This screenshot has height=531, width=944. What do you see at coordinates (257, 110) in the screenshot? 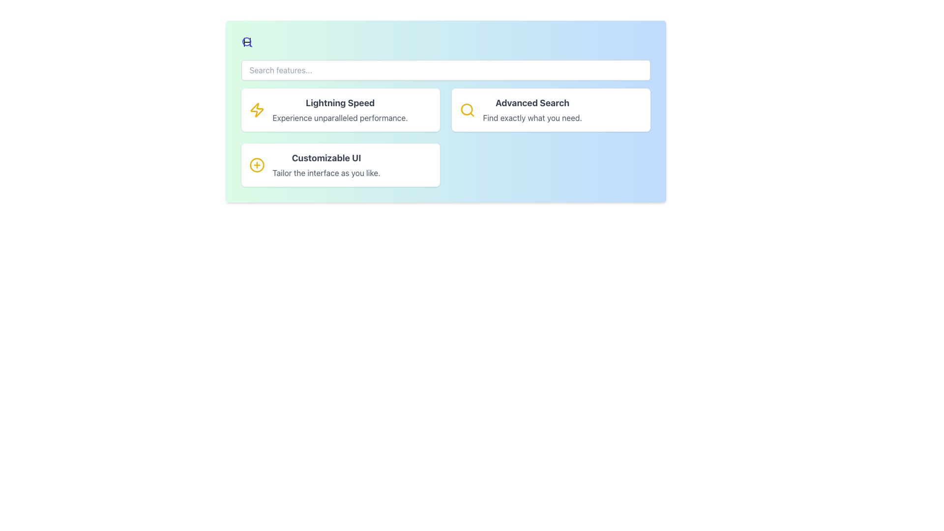
I see `the 'Lightning Speed' icon located in the left portion above the text` at bounding box center [257, 110].